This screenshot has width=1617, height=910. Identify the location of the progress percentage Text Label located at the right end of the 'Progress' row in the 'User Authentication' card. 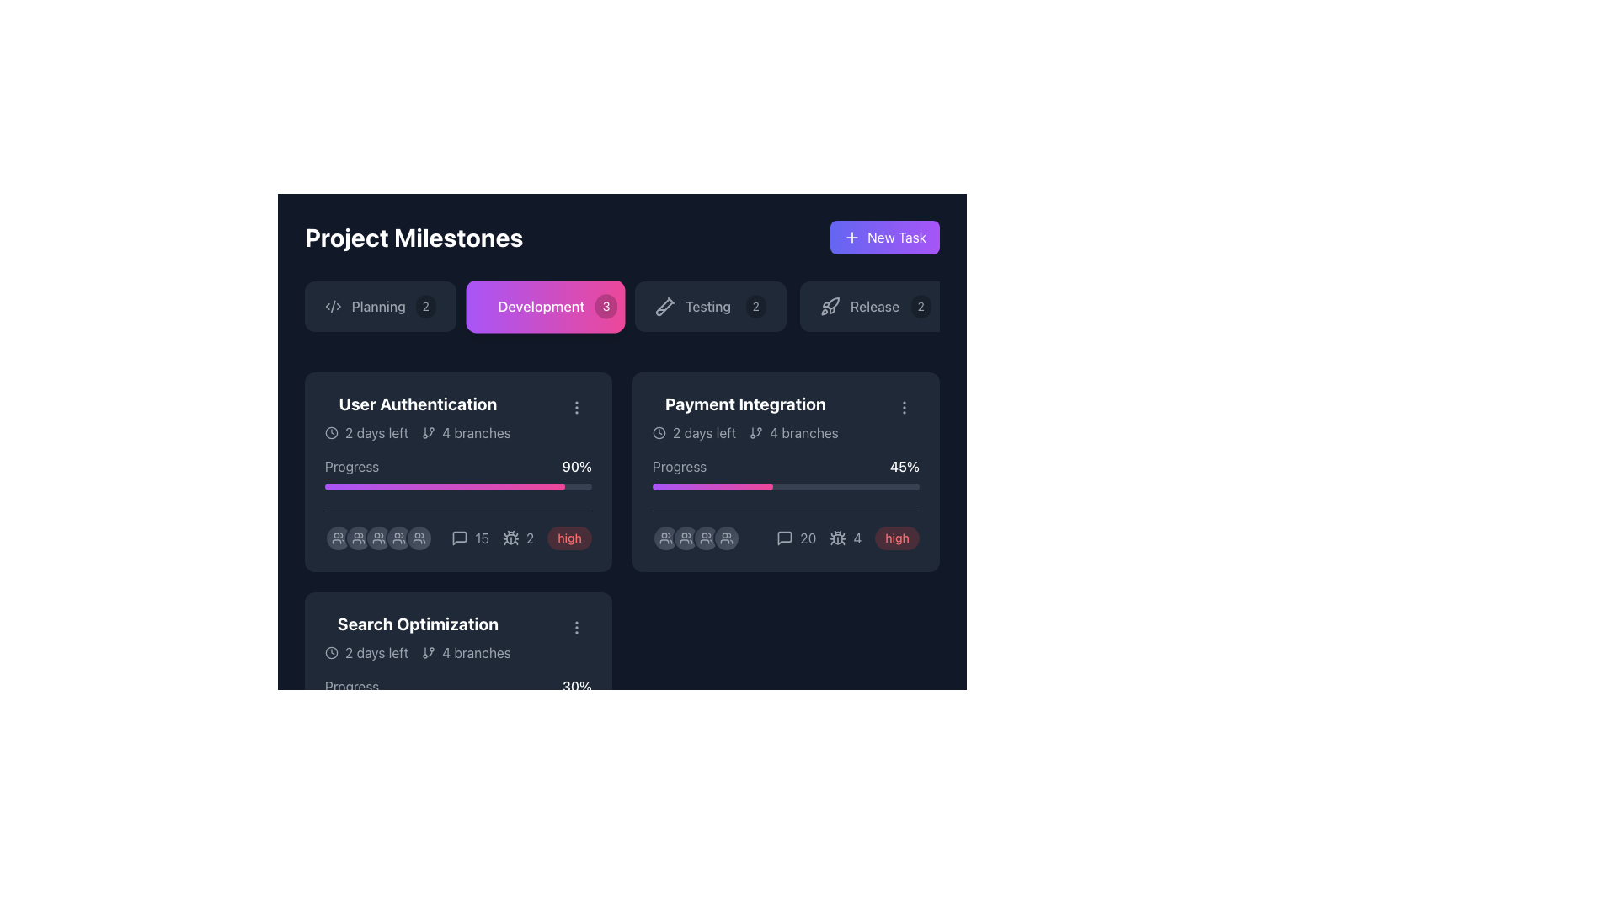
(577, 467).